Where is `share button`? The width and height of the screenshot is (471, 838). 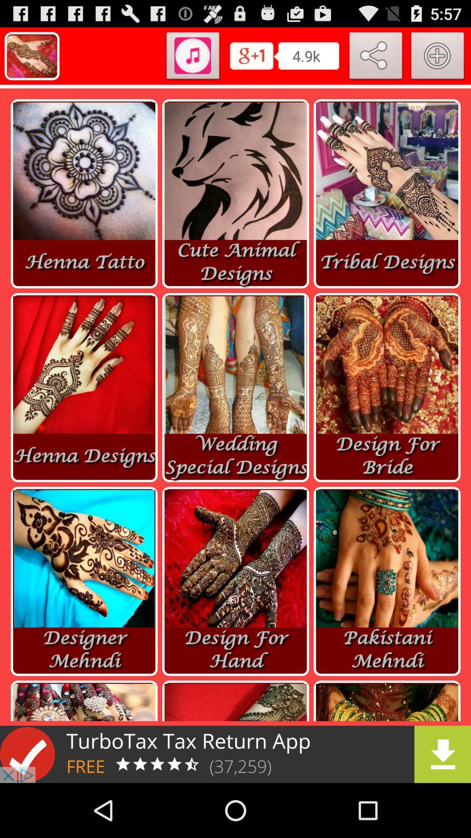
share button is located at coordinates (375, 57).